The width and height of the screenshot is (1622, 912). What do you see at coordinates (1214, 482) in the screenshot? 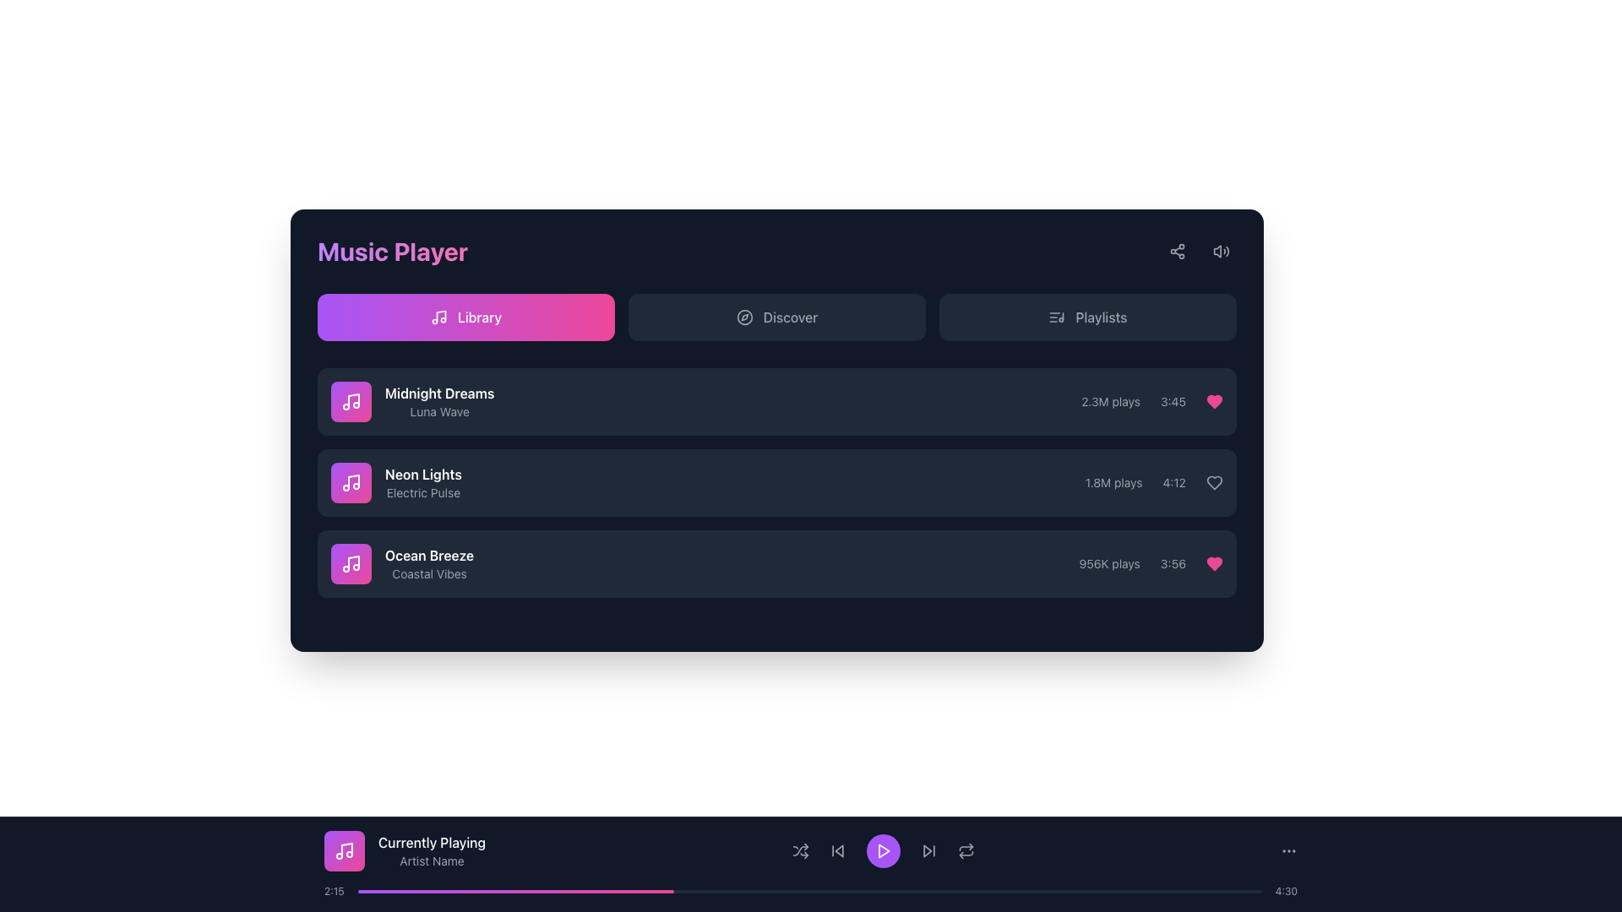
I see `the heart icon button located at the right end of the horizontal line displaying '1.8M plays' and '4:12' in the second track item of the playlist` at bounding box center [1214, 482].